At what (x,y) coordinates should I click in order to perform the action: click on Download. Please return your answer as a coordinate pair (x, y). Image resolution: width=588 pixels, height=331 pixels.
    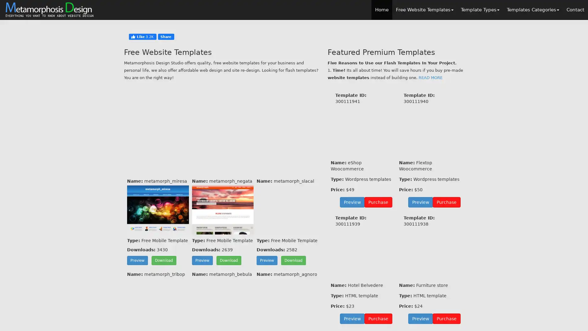
    Looking at the image, I should click on (228, 260).